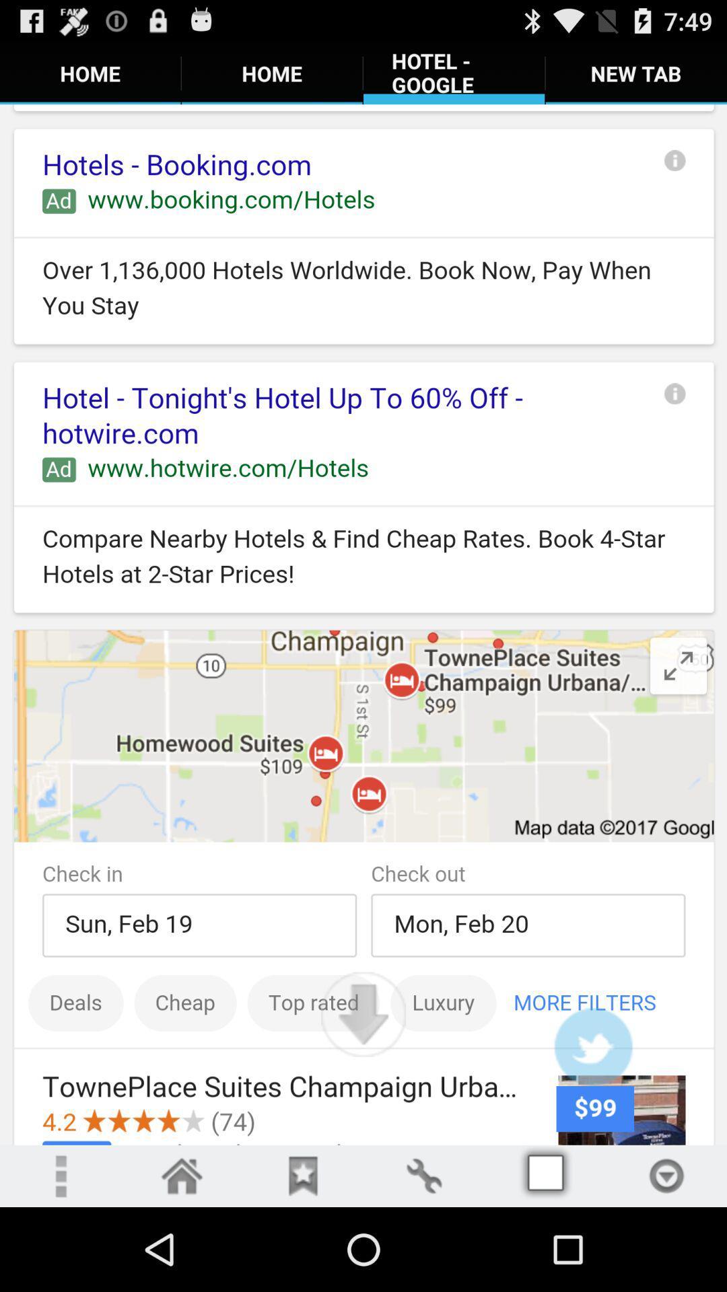 This screenshot has height=1292, width=727. Describe the element at coordinates (303, 1175) in the screenshot. I see `added to favourites` at that location.